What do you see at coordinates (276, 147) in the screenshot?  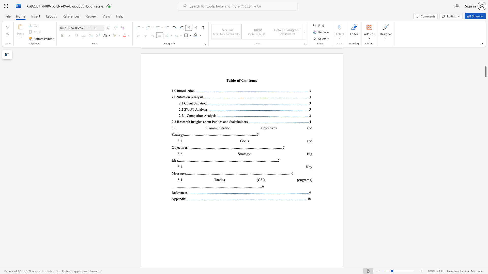 I see `the 18th character "." in the text` at bounding box center [276, 147].